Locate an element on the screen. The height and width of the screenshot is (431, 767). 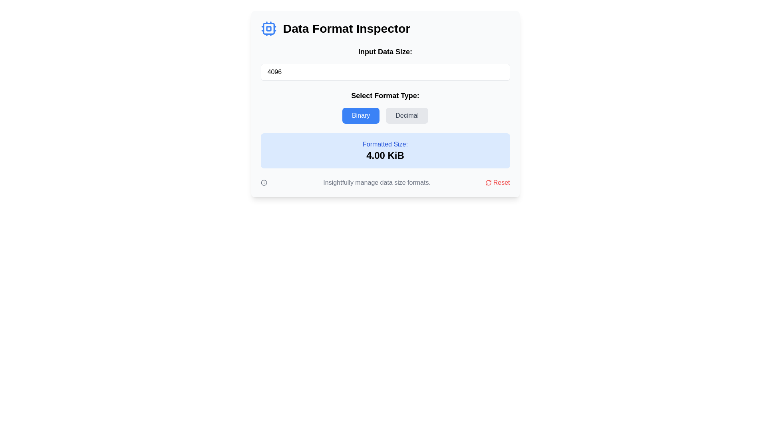
the informational icon located to the left of the caption 'Insightfully manage data size formats.' is located at coordinates (264, 183).